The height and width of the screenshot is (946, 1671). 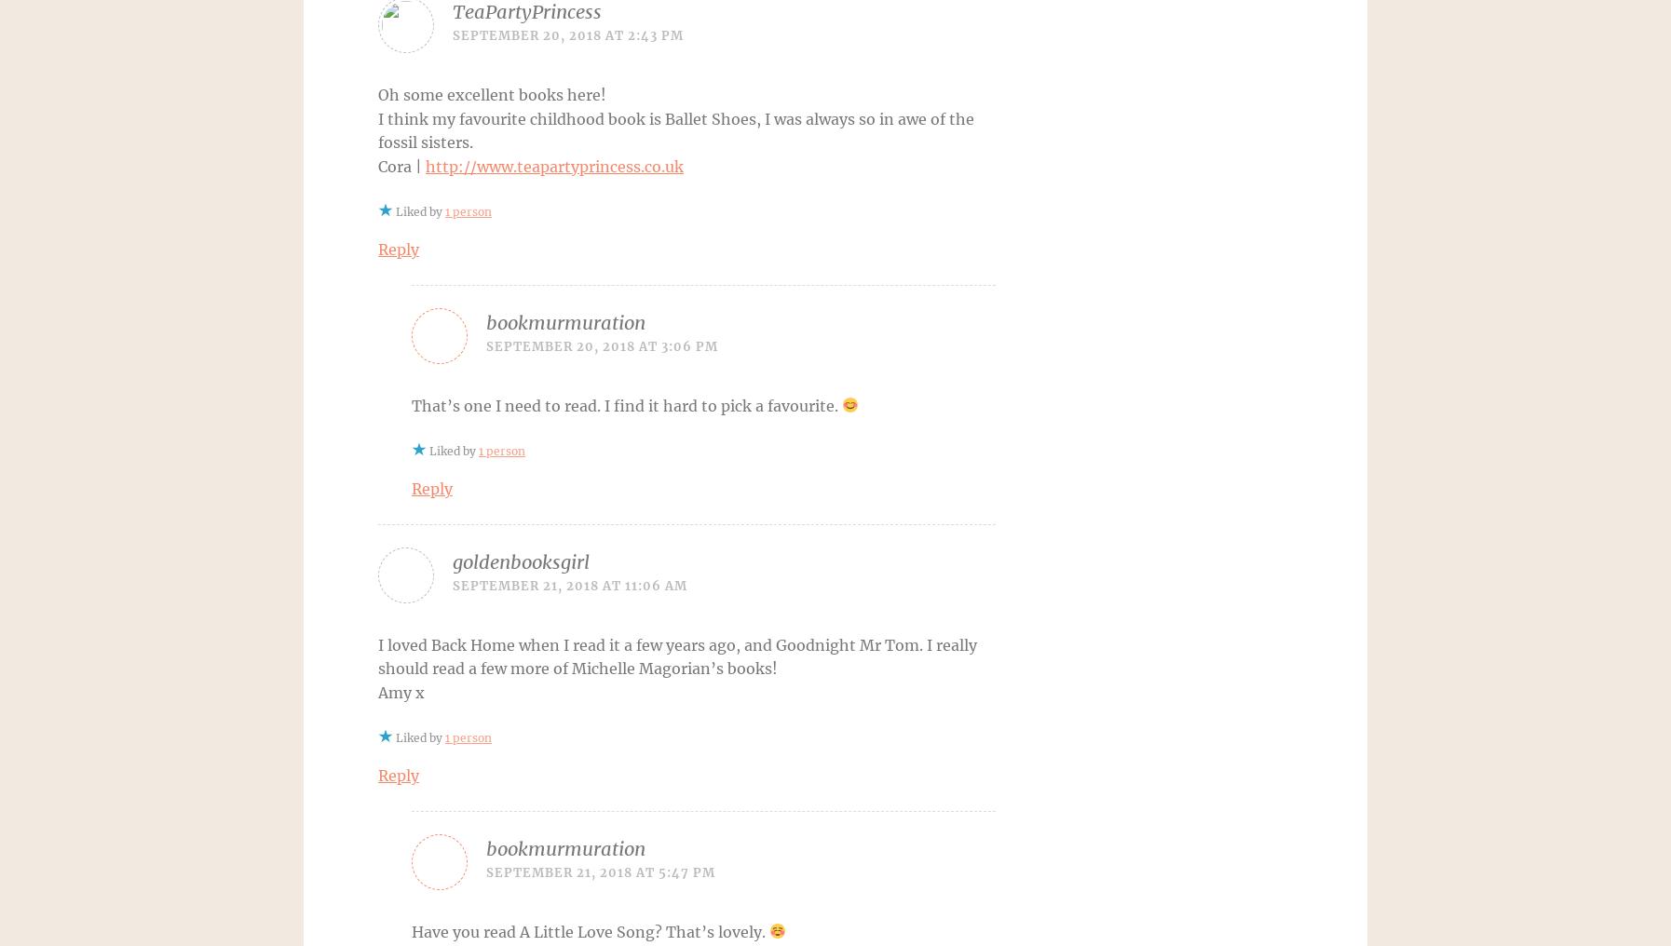 What do you see at coordinates (602, 345) in the screenshot?
I see `'September 20, 2018 at 3:06 pm'` at bounding box center [602, 345].